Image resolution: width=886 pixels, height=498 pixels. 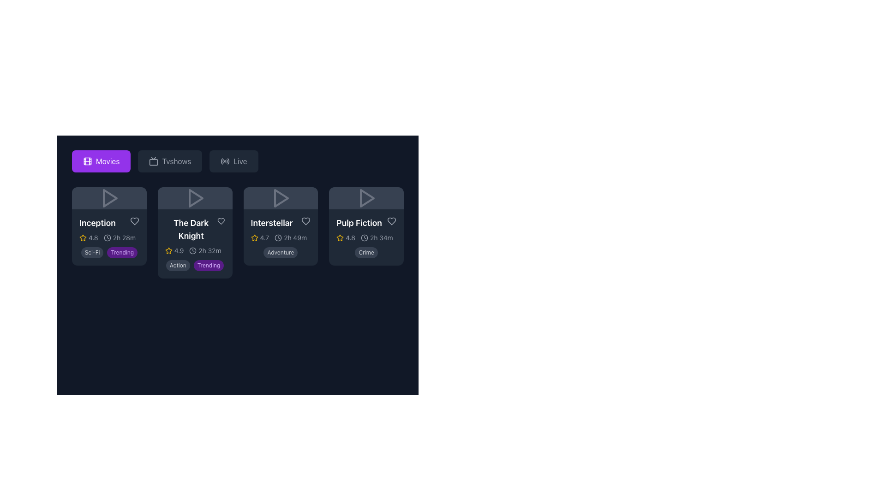 What do you see at coordinates (280, 237) in the screenshot?
I see `the Information Card displaying details about the movie 'Interstellar', which is the third card in a horizontal list of movie cards` at bounding box center [280, 237].